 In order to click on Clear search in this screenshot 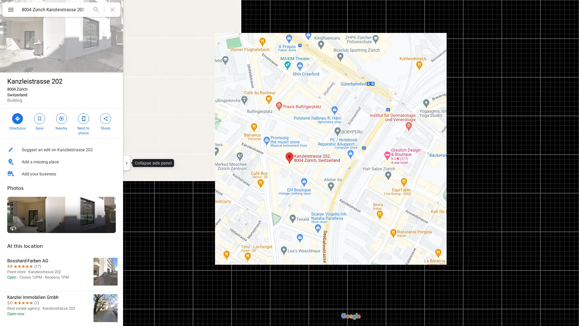, I will do `click(112, 9)`.